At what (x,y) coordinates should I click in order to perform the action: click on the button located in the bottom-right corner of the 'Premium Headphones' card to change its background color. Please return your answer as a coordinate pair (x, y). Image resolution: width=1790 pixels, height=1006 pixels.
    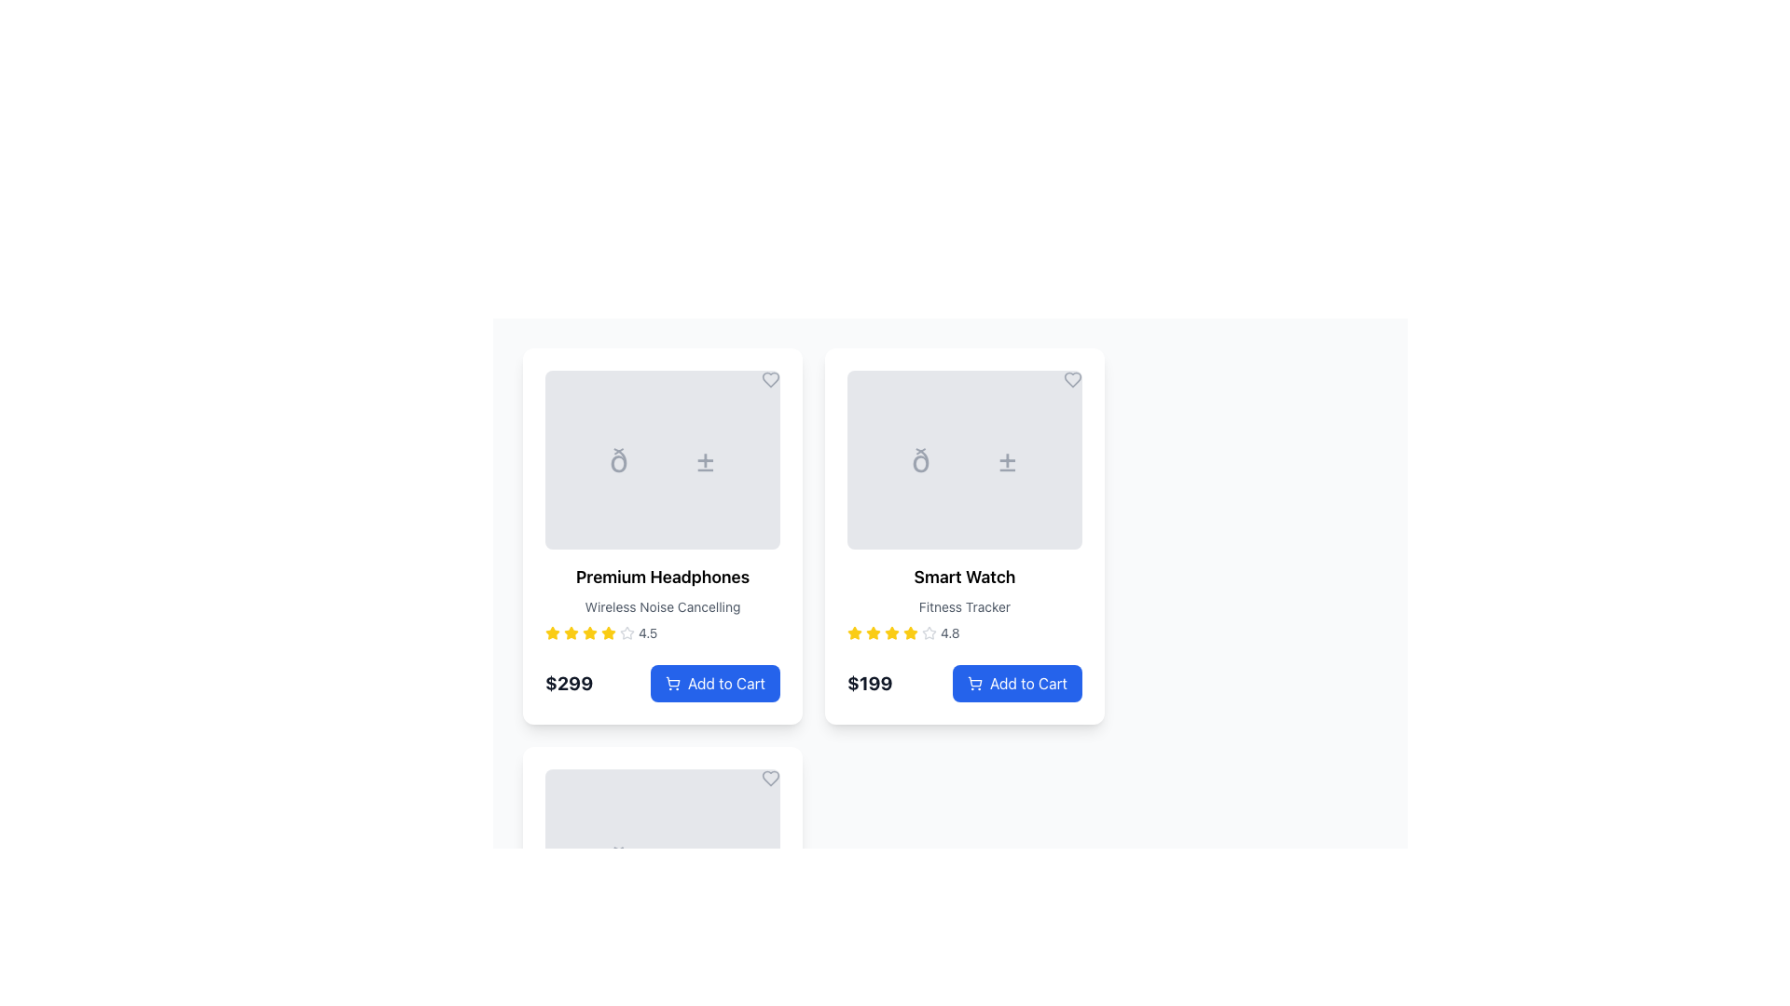
    Looking at the image, I should click on (714, 683).